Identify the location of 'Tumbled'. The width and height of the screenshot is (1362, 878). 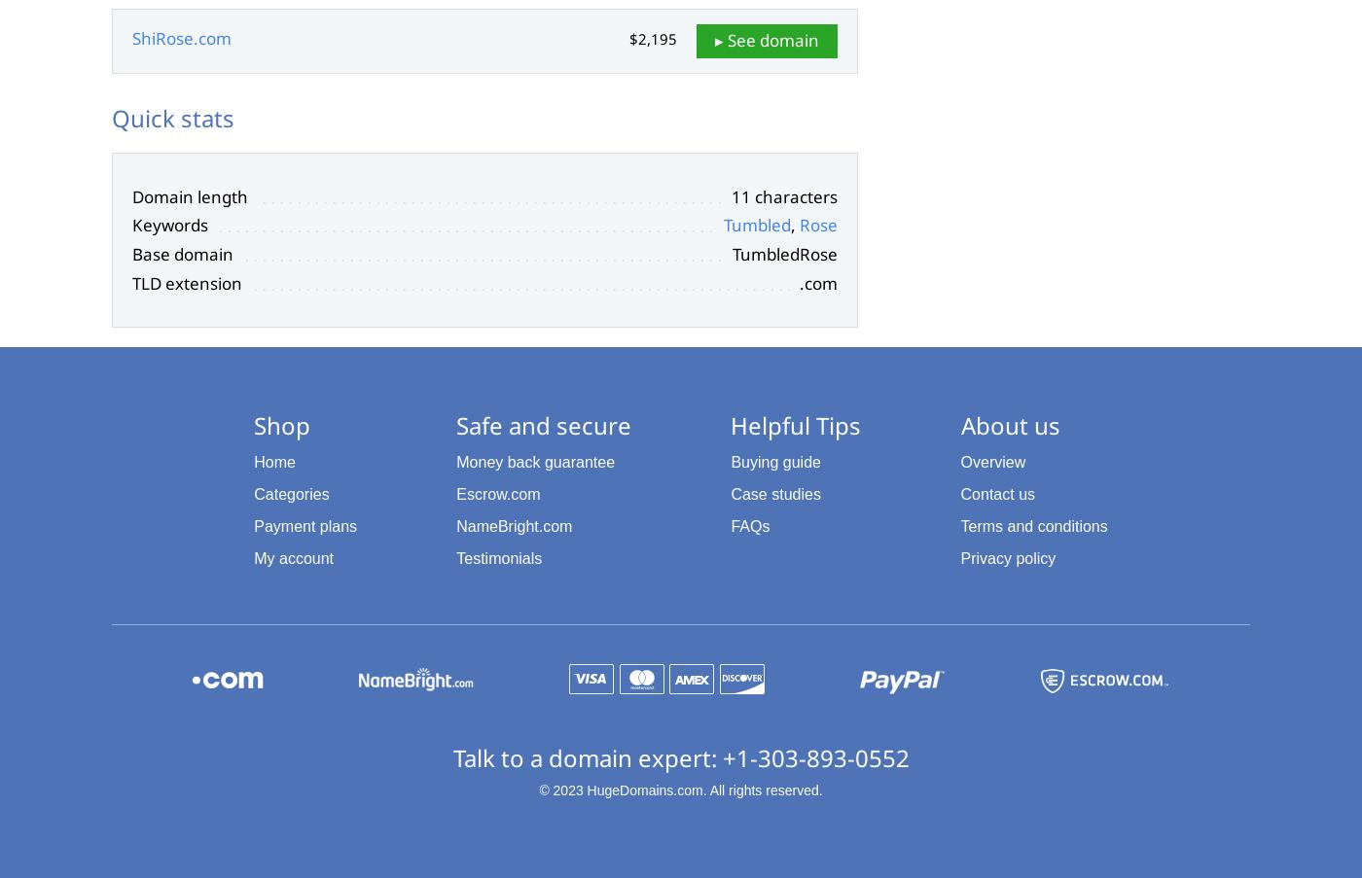
(757, 225).